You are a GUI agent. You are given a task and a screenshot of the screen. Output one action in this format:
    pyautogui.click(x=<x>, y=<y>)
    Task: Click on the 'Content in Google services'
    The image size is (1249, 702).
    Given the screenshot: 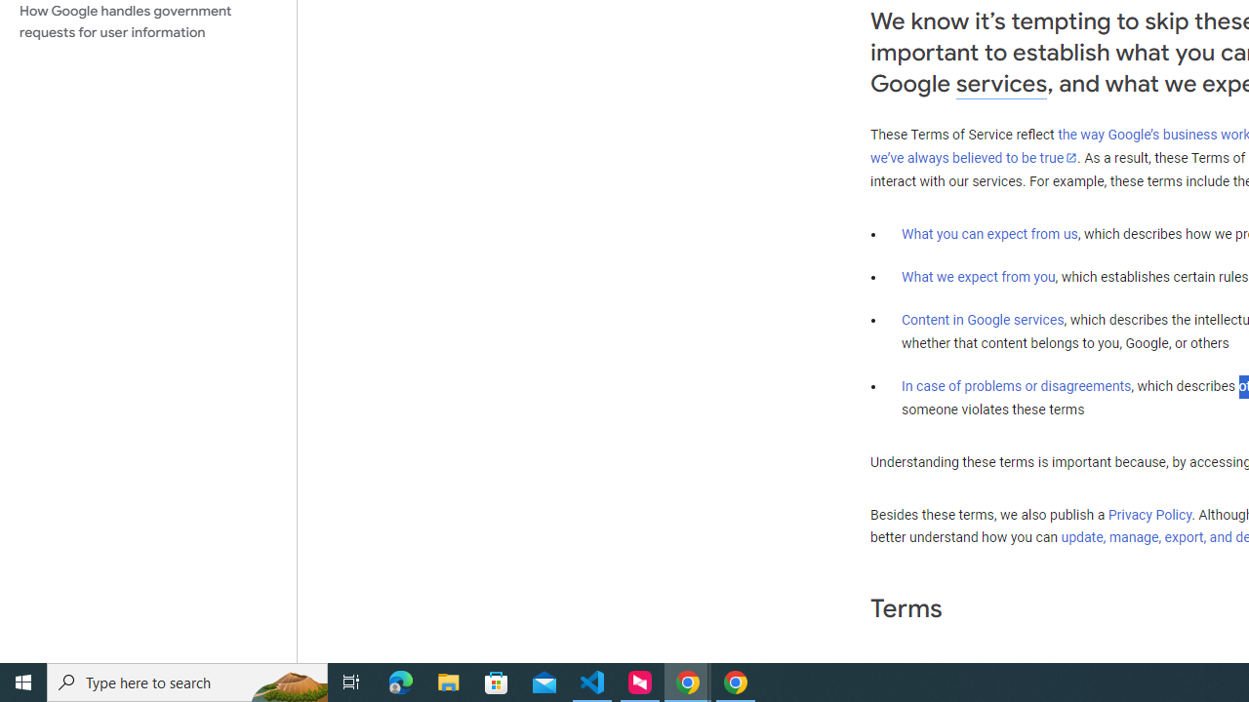 What is the action you would take?
    pyautogui.click(x=983, y=318)
    